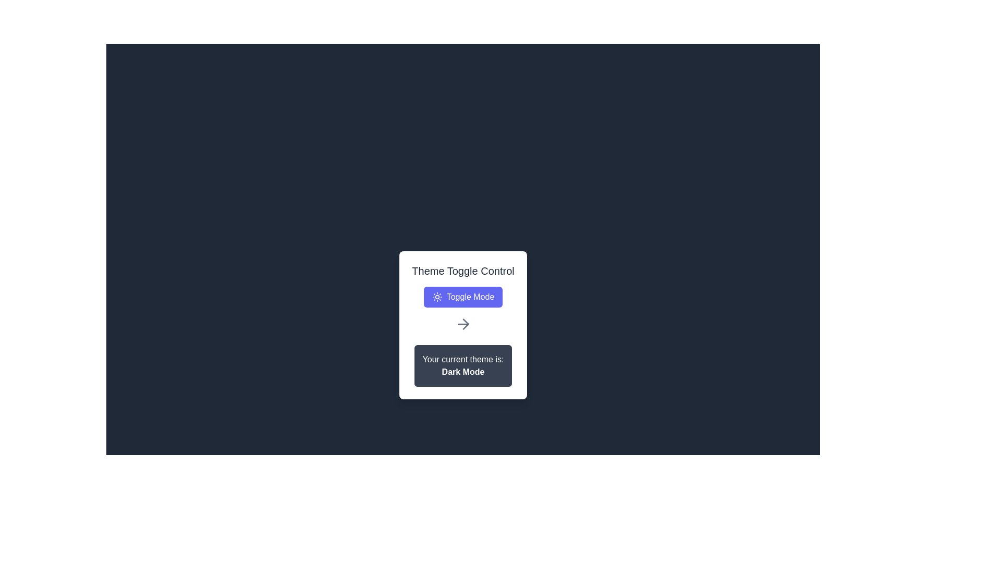 This screenshot has width=1001, height=563. I want to click on the Informational Text Block that indicates the currently selected theme, which is 'Dark Mode', positioned at the bottom of the white card interface, below the 'Toggle Mode' button and arrow icon, so click(462, 365).